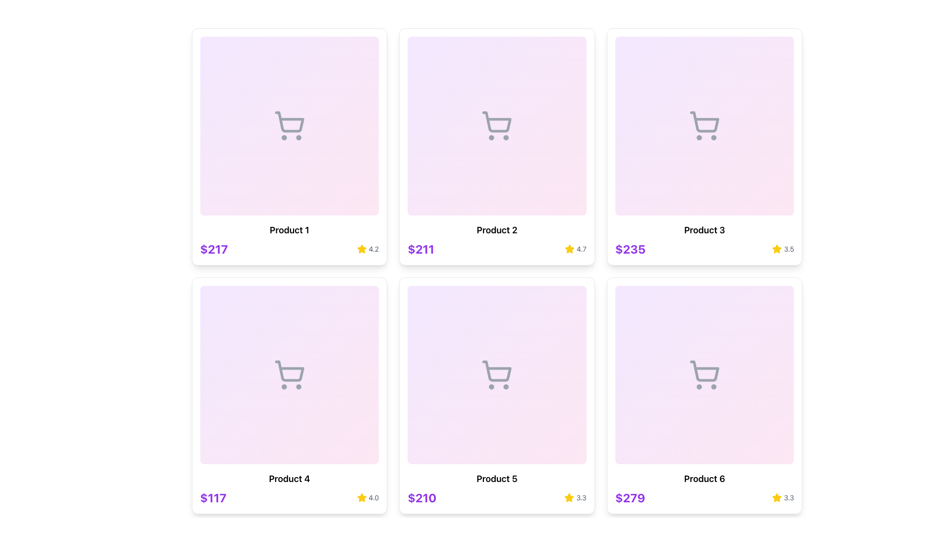 Image resolution: width=952 pixels, height=535 pixels. What do you see at coordinates (367, 248) in the screenshot?
I see `the rating display element showing a yellow star icon followed by the text '4.2', located at the bottom-right of the first card in the grid layout` at bounding box center [367, 248].